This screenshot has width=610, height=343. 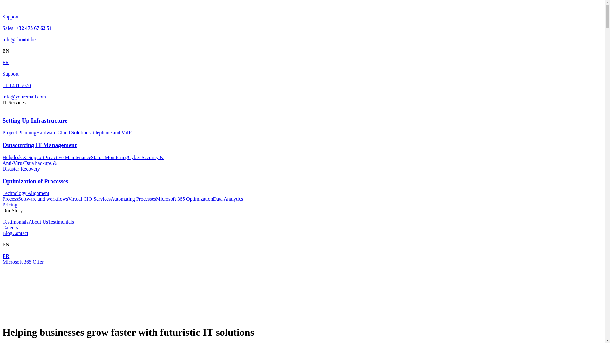 I want to click on 'Automating Processes', so click(x=133, y=198).